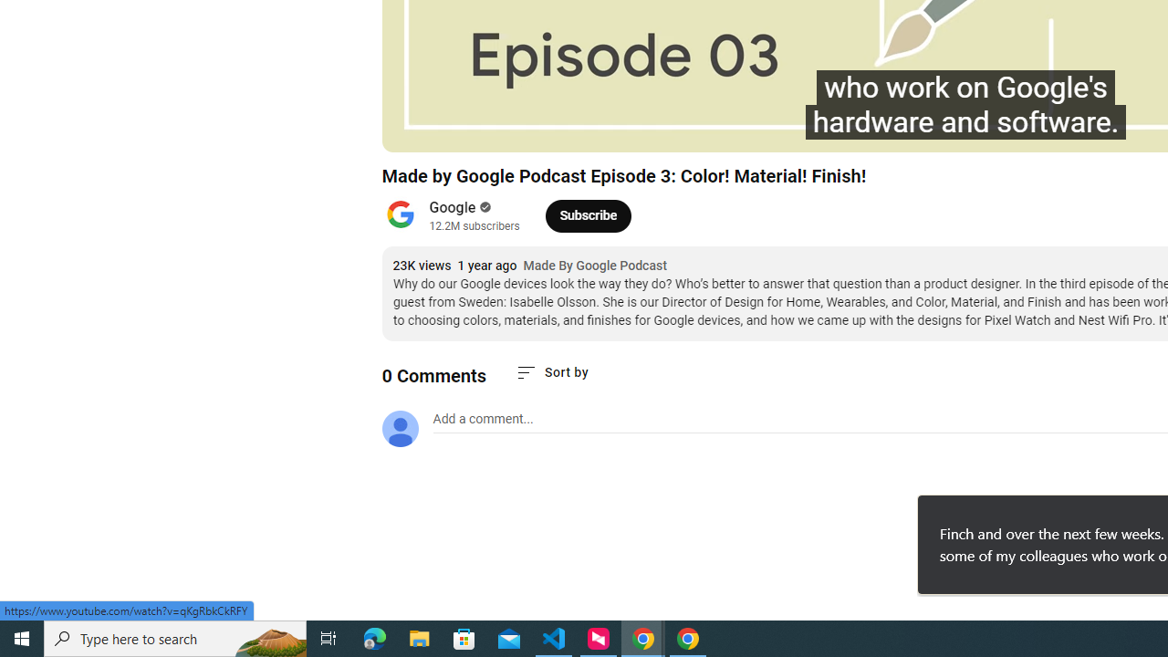 This screenshot has height=657, width=1168. What do you see at coordinates (483, 419) in the screenshot?
I see `'AutomationID: simplebox-placeholder'` at bounding box center [483, 419].